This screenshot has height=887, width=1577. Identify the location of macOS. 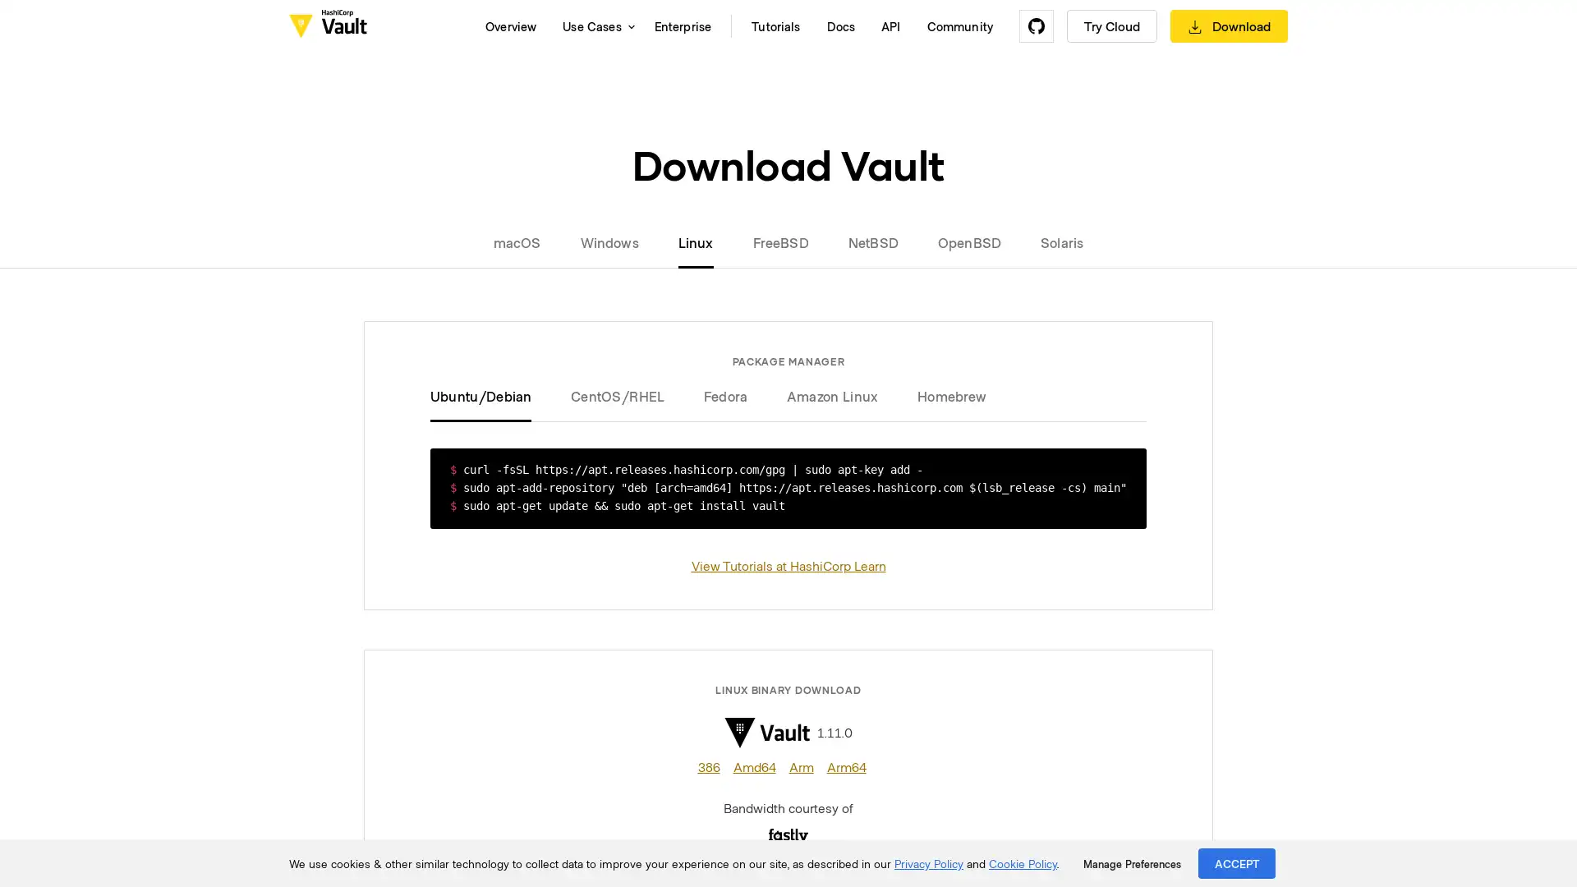
(526, 241).